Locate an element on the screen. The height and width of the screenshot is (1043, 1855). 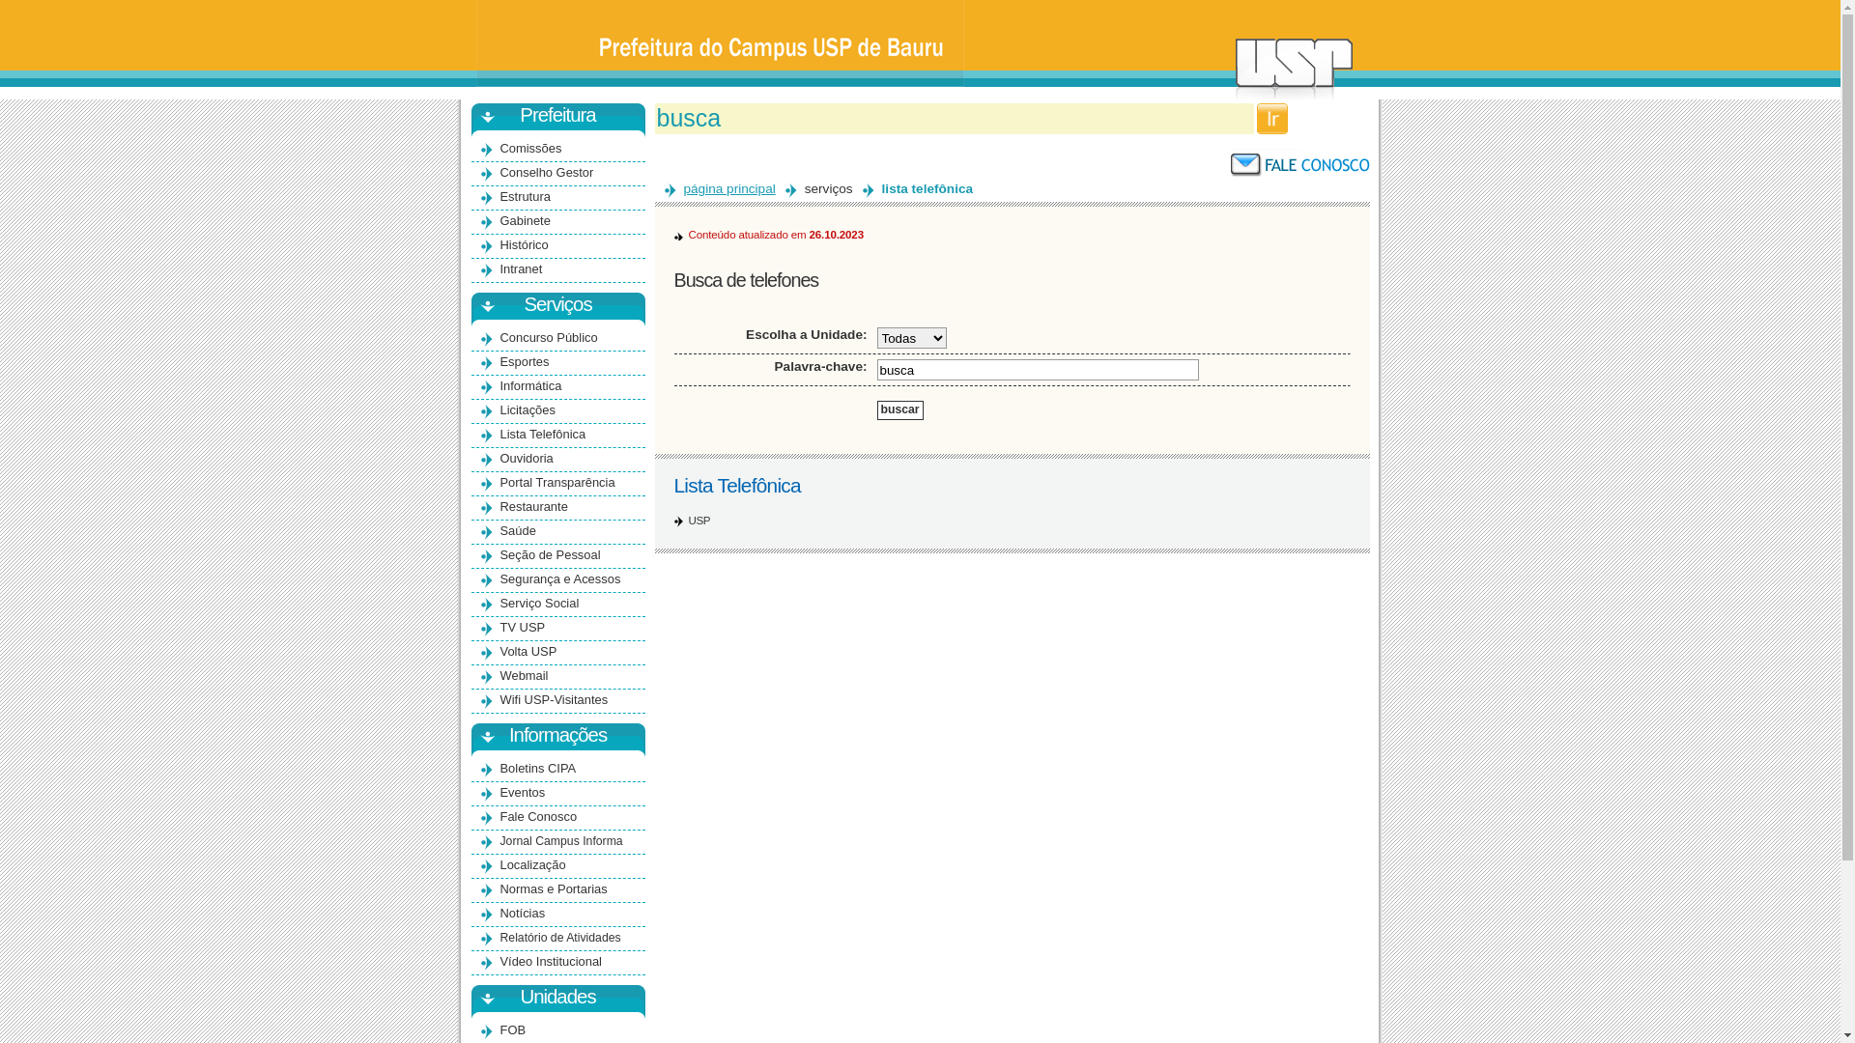
'Eventos' is located at coordinates (523, 792).